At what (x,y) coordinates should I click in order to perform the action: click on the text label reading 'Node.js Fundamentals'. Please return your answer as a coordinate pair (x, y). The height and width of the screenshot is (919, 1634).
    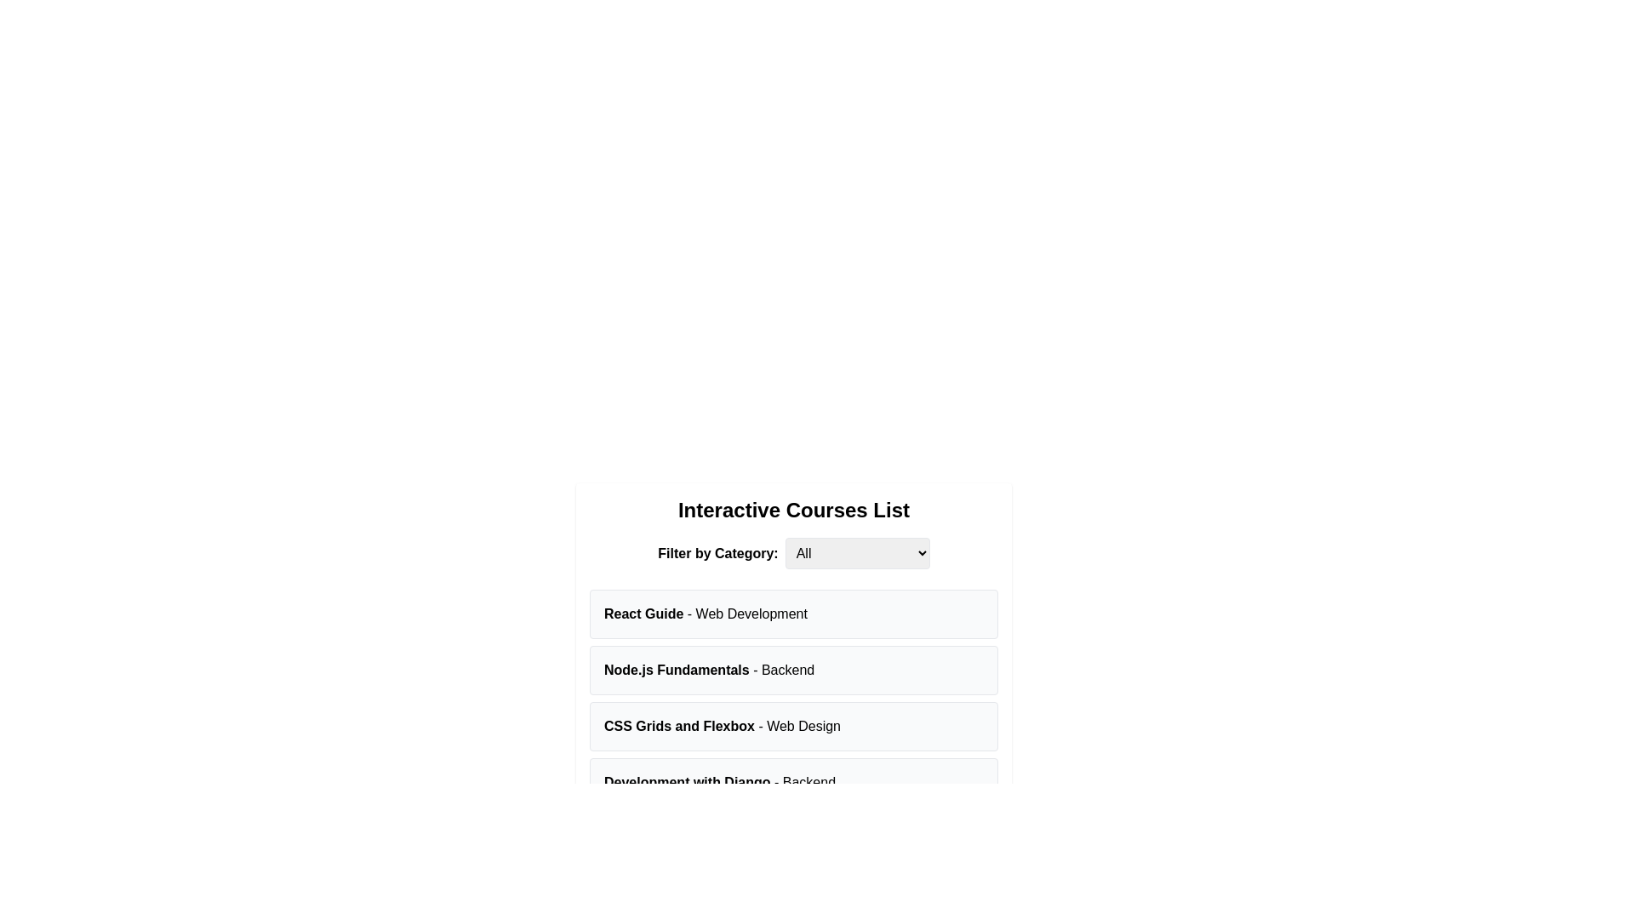
    Looking at the image, I should click on (676, 669).